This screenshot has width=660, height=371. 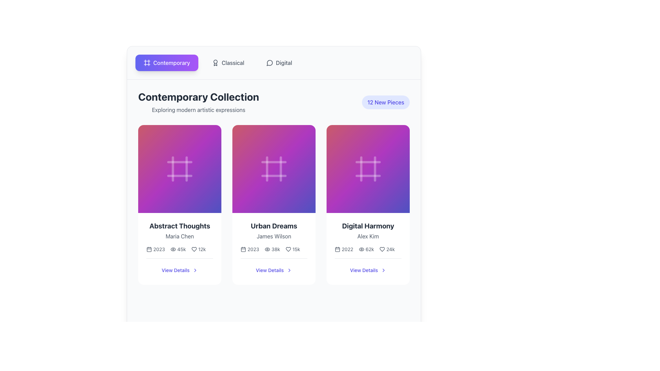 What do you see at coordinates (386, 102) in the screenshot?
I see `the text label displaying '12 New Pieces' located in the top-right region near the 'Contemporary Collection' title, which is part of a rounded rectangular badge with a light indigo background` at bounding box center [386, 102].